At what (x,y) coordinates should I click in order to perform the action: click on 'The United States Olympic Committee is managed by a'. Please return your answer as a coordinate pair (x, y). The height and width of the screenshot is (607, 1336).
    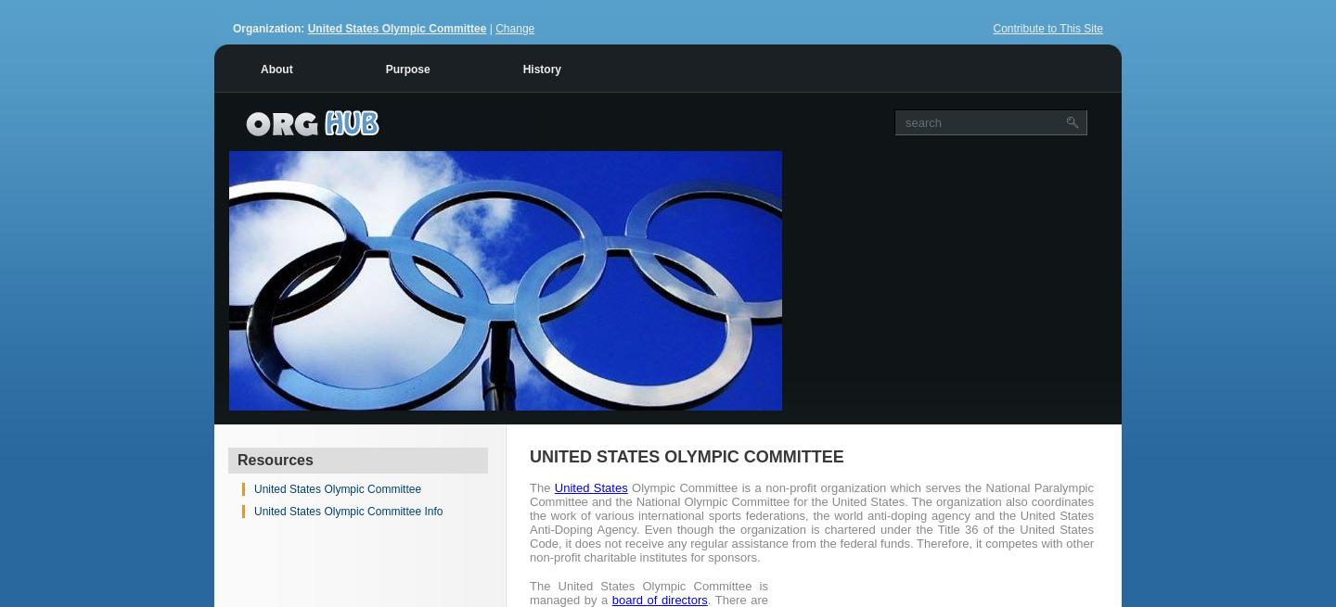
    Looking at the image, I should click on (649, 593).